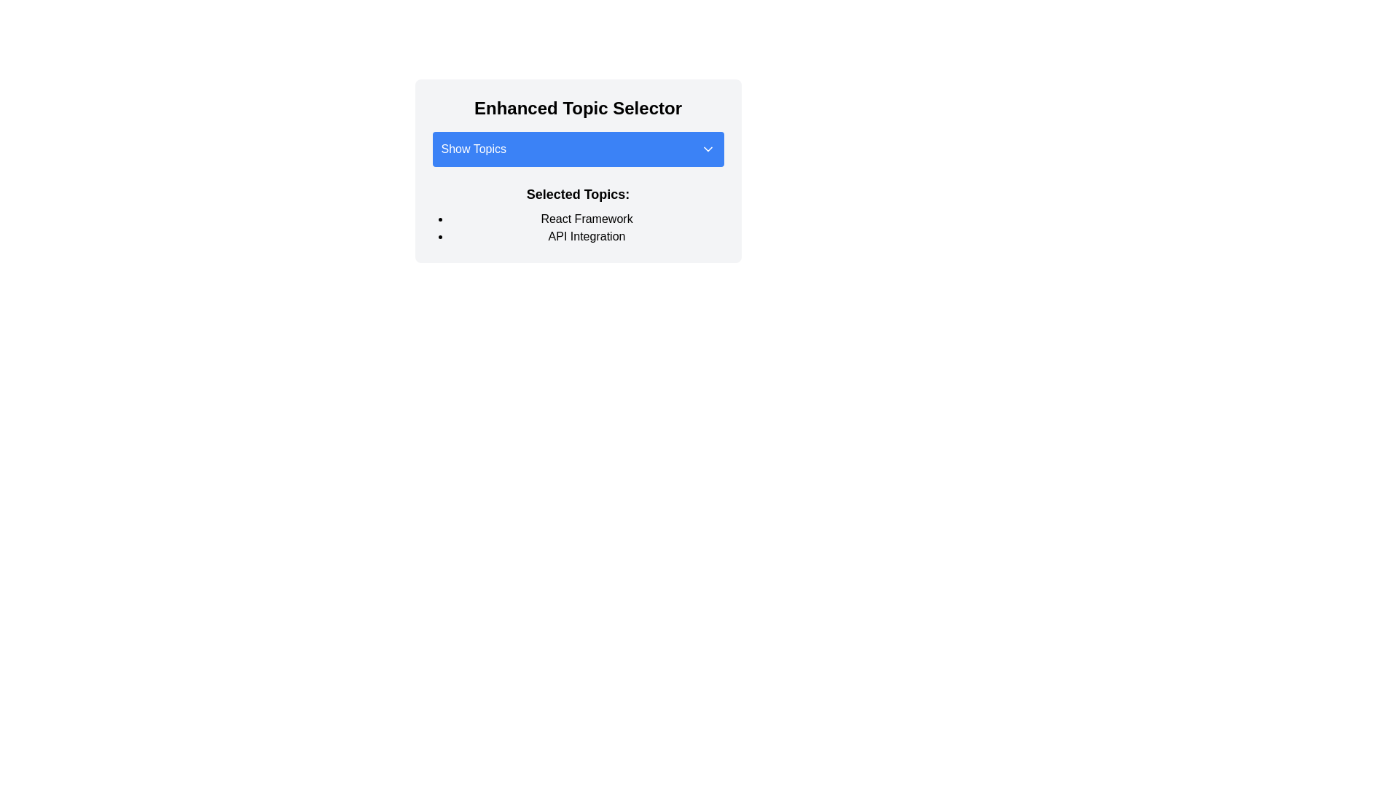  I want to click on static text label displaying 'Show Topics' in white color, which is located within a blue button-like structure under the heading 'Enhanced Topic Selector', so click(474, 149).